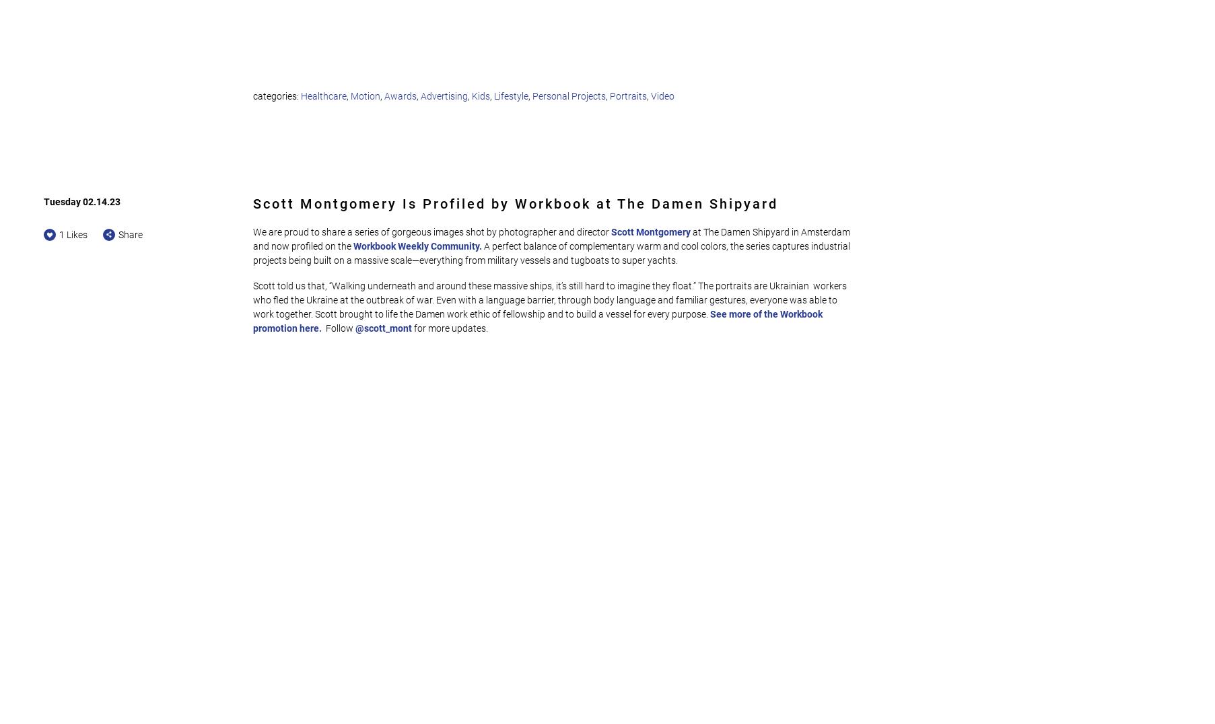  What do you see at coordinates (628, 96) in the screenshot?
I see `'Portraits'` at bounding box center [628, 96].